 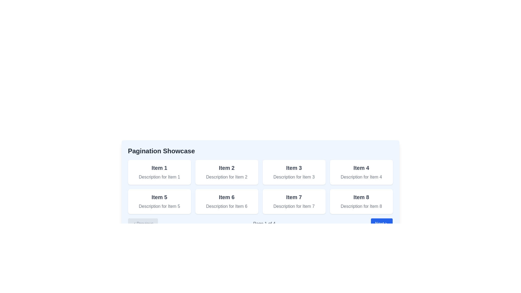 What do you see at coordinates (227, 177) in the screenshot?
I see `the text label that provides additional information for the 'Item 2' card, located at the bottom of the card structure` at bounding box center [227, 177].